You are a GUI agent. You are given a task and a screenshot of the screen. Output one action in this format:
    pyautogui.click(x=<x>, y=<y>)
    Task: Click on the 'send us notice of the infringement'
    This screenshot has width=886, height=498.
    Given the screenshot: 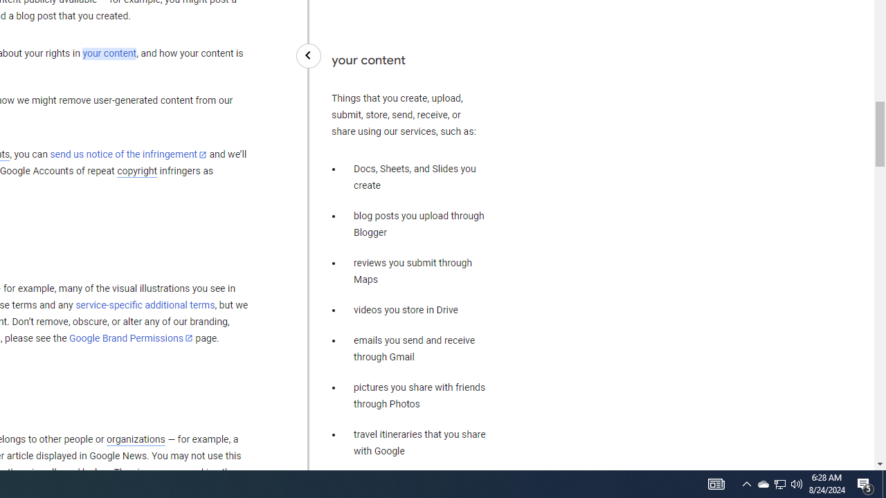 What is the action you would take?
    pyautogui.click(x=128, y=155)
    